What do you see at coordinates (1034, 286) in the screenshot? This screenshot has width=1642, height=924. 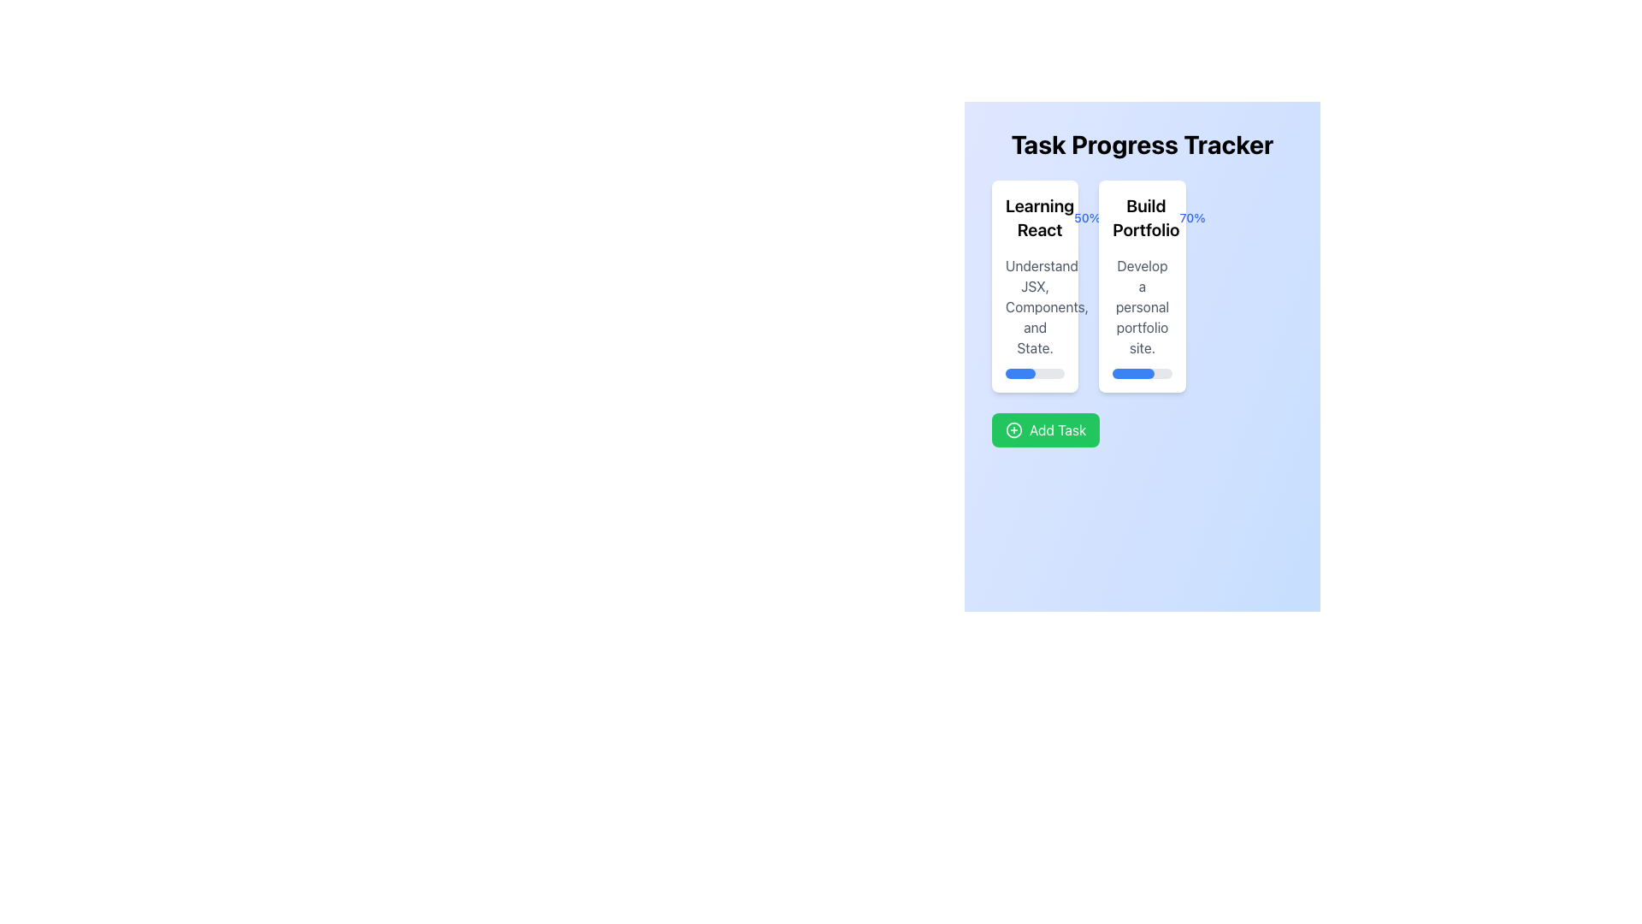 I see `the card-shaped UI component displaying 'Learning React' in the top-left corner of the grid layout to access related elements` at bounding box center [1034, 286].